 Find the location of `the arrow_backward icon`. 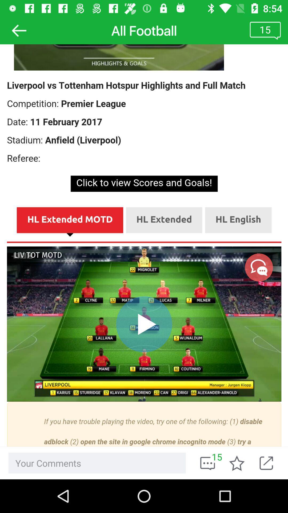

the arrow_backward icon is located at coordinates (19, 30).